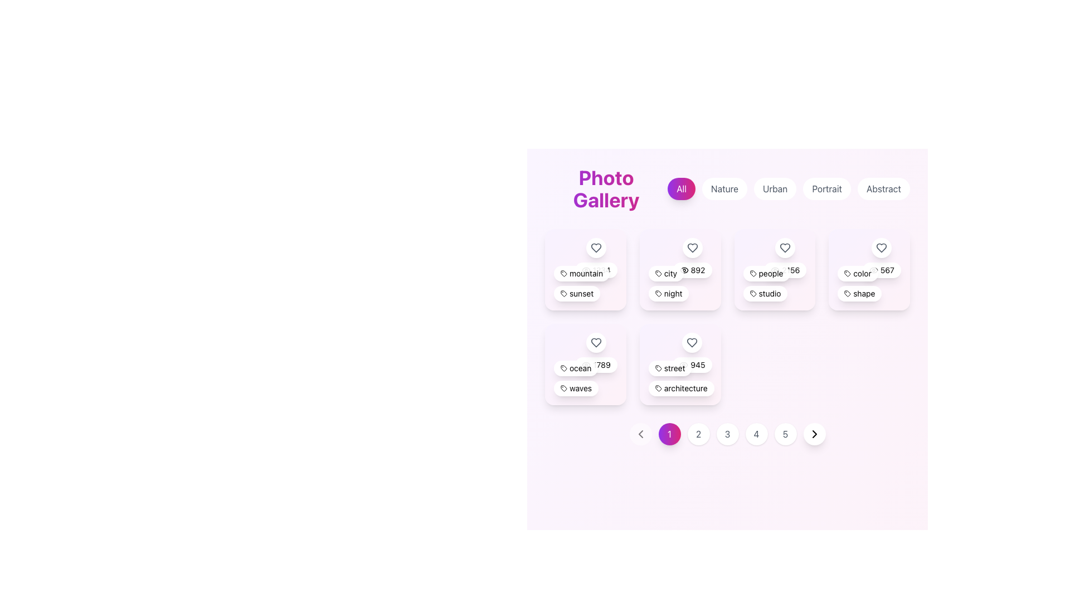 This screenshot has width=1070, height=602. I want to click on descriptive tags located in the lower section of the card in the fourth column of the grid, which serves as a category indicator for the card's contents, so click(869, 283).